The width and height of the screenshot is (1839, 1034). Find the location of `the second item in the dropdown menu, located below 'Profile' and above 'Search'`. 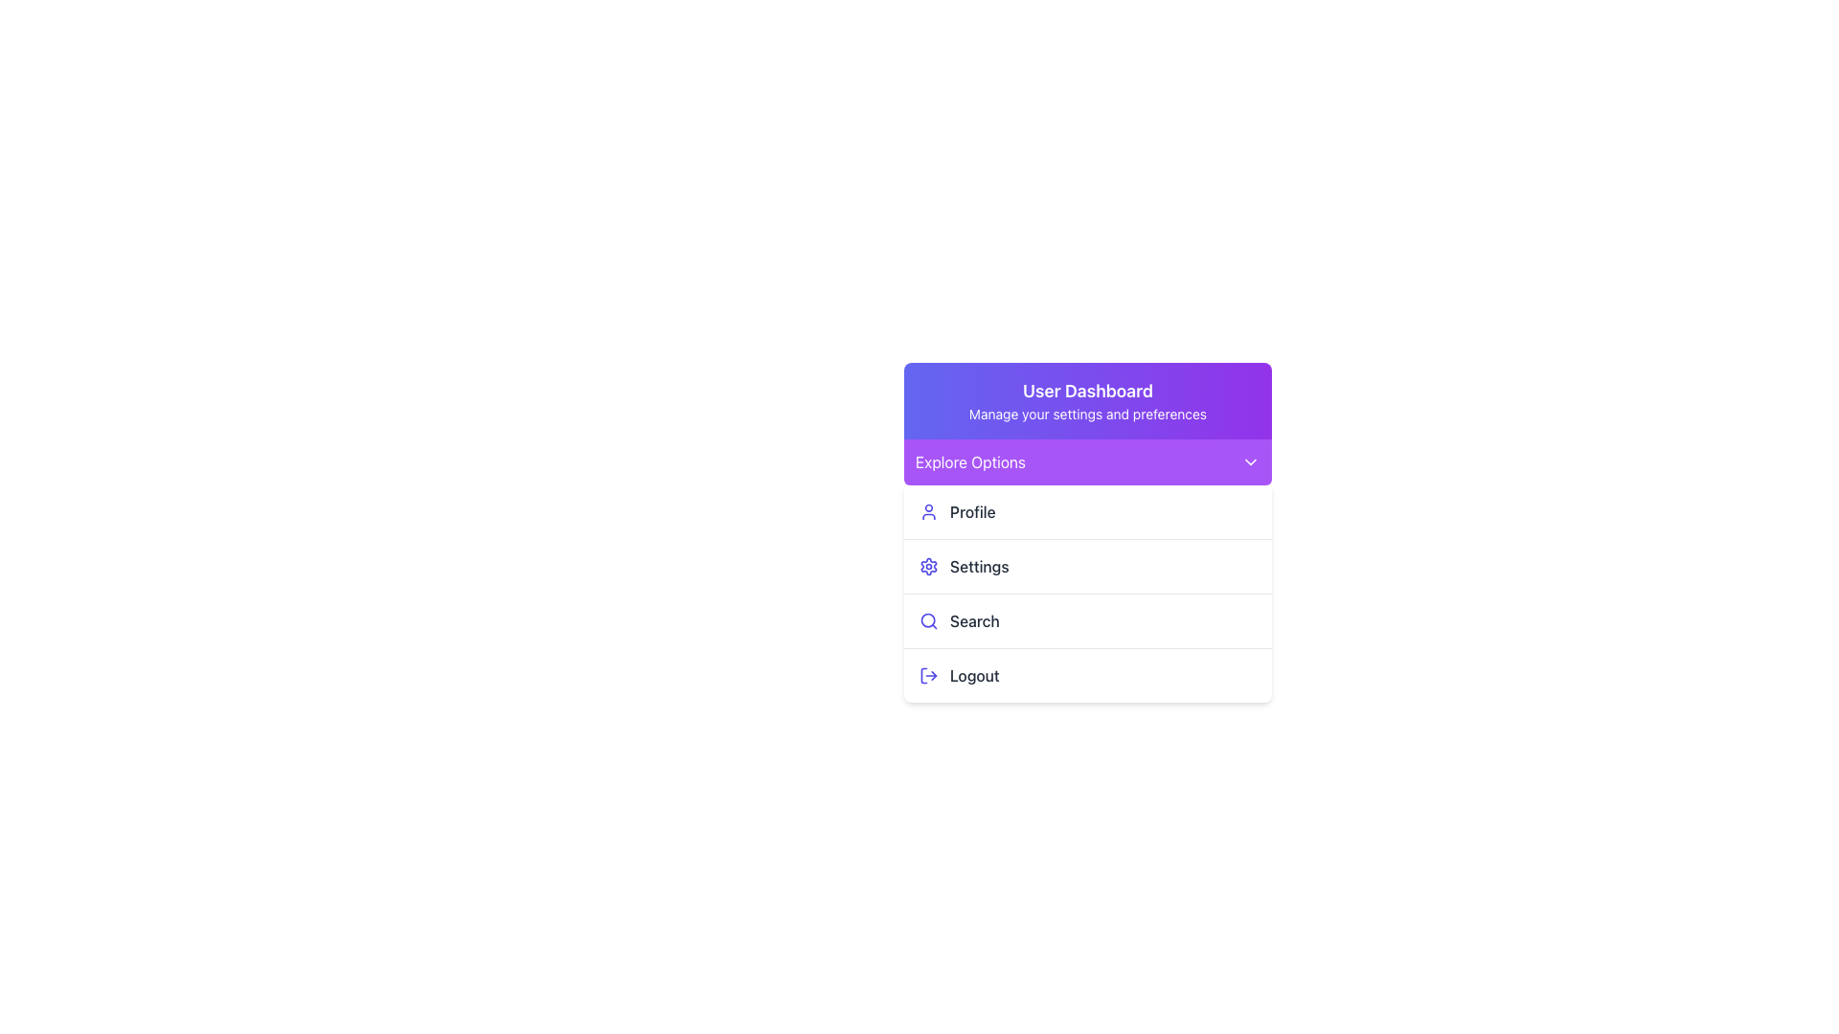

the second item in the dropdown menu, located below 'Profile' and above 'Search' is located at coordinates (1088, 565).